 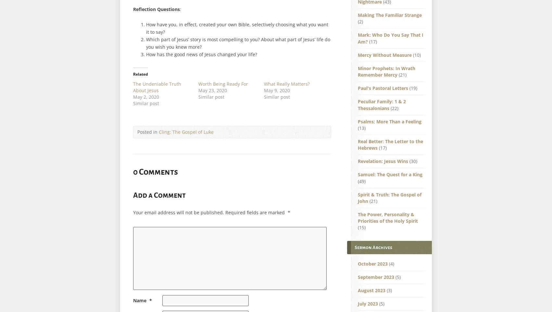 I want to click on 'How have you, in effect, created your own Bible, selectively choosing what you want it to say?', so click(x=237, y=28).